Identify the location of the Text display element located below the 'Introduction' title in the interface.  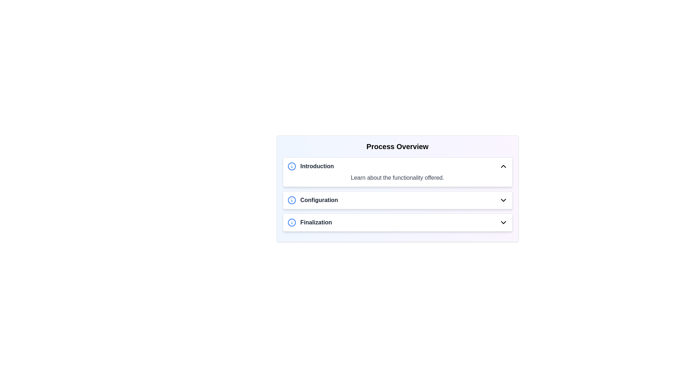
(397, 178).